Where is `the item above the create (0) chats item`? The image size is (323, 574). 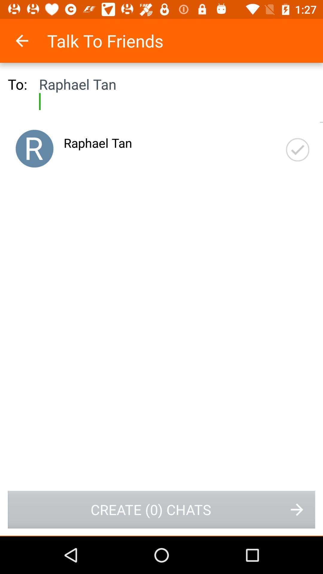
the item above the create (0) chats item is located at coordinates (34, 149).